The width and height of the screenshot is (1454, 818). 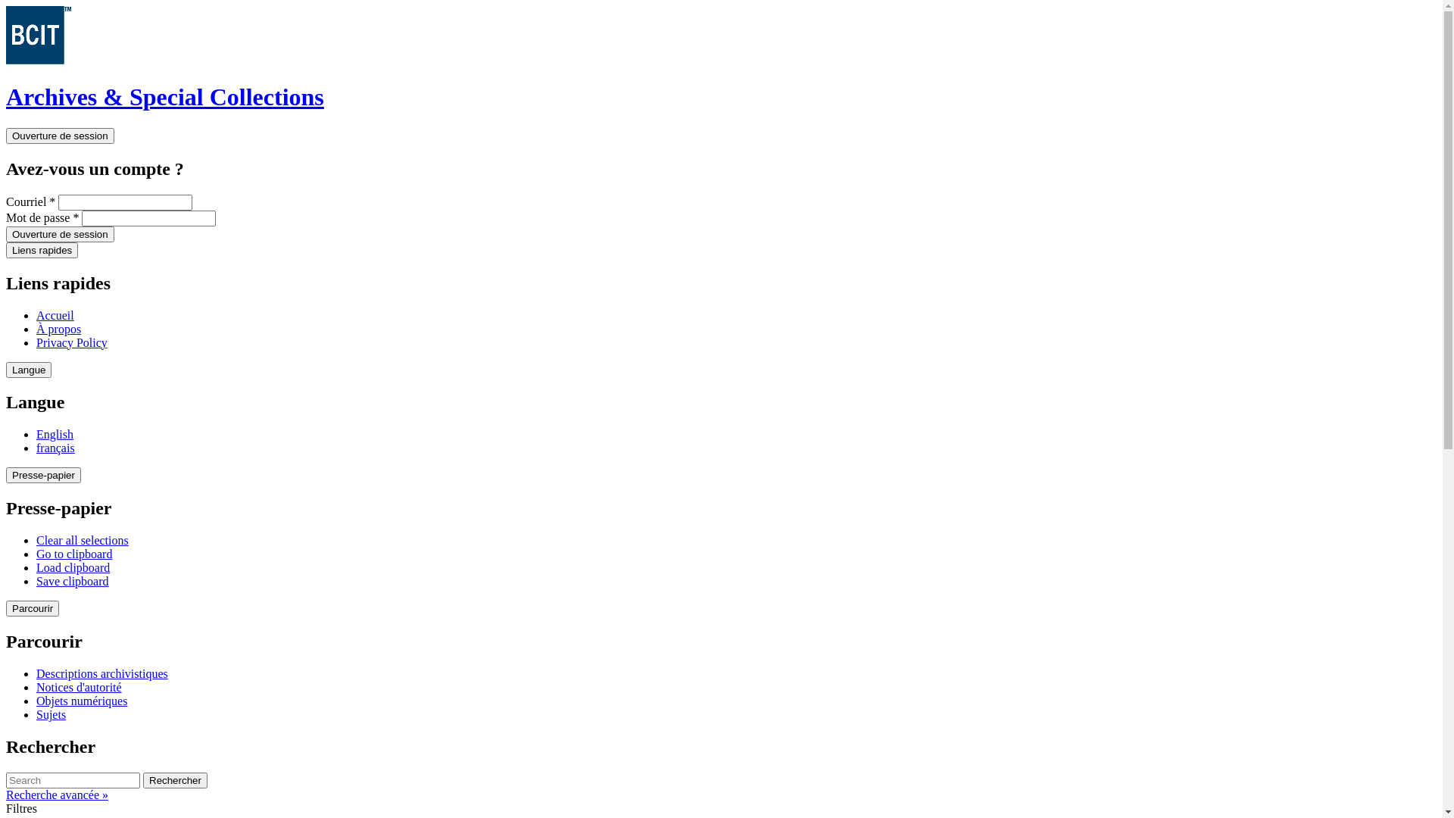 I want to click on 'Langue', so click(x=6, y=370).